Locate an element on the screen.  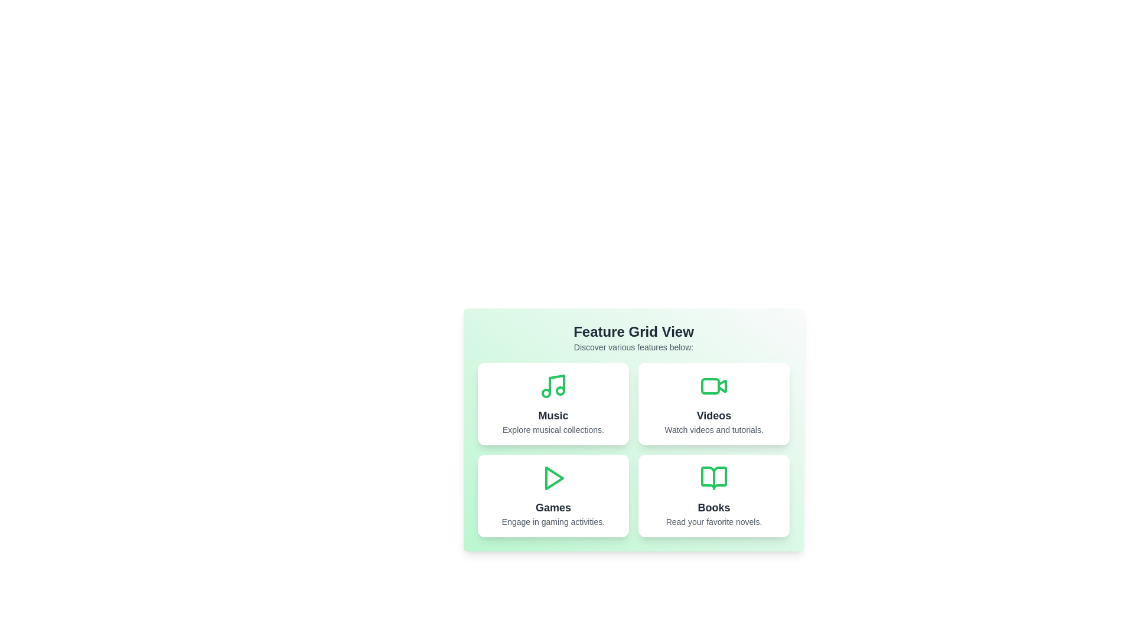
the title of the feature Games is located at coordinates (552, 507).